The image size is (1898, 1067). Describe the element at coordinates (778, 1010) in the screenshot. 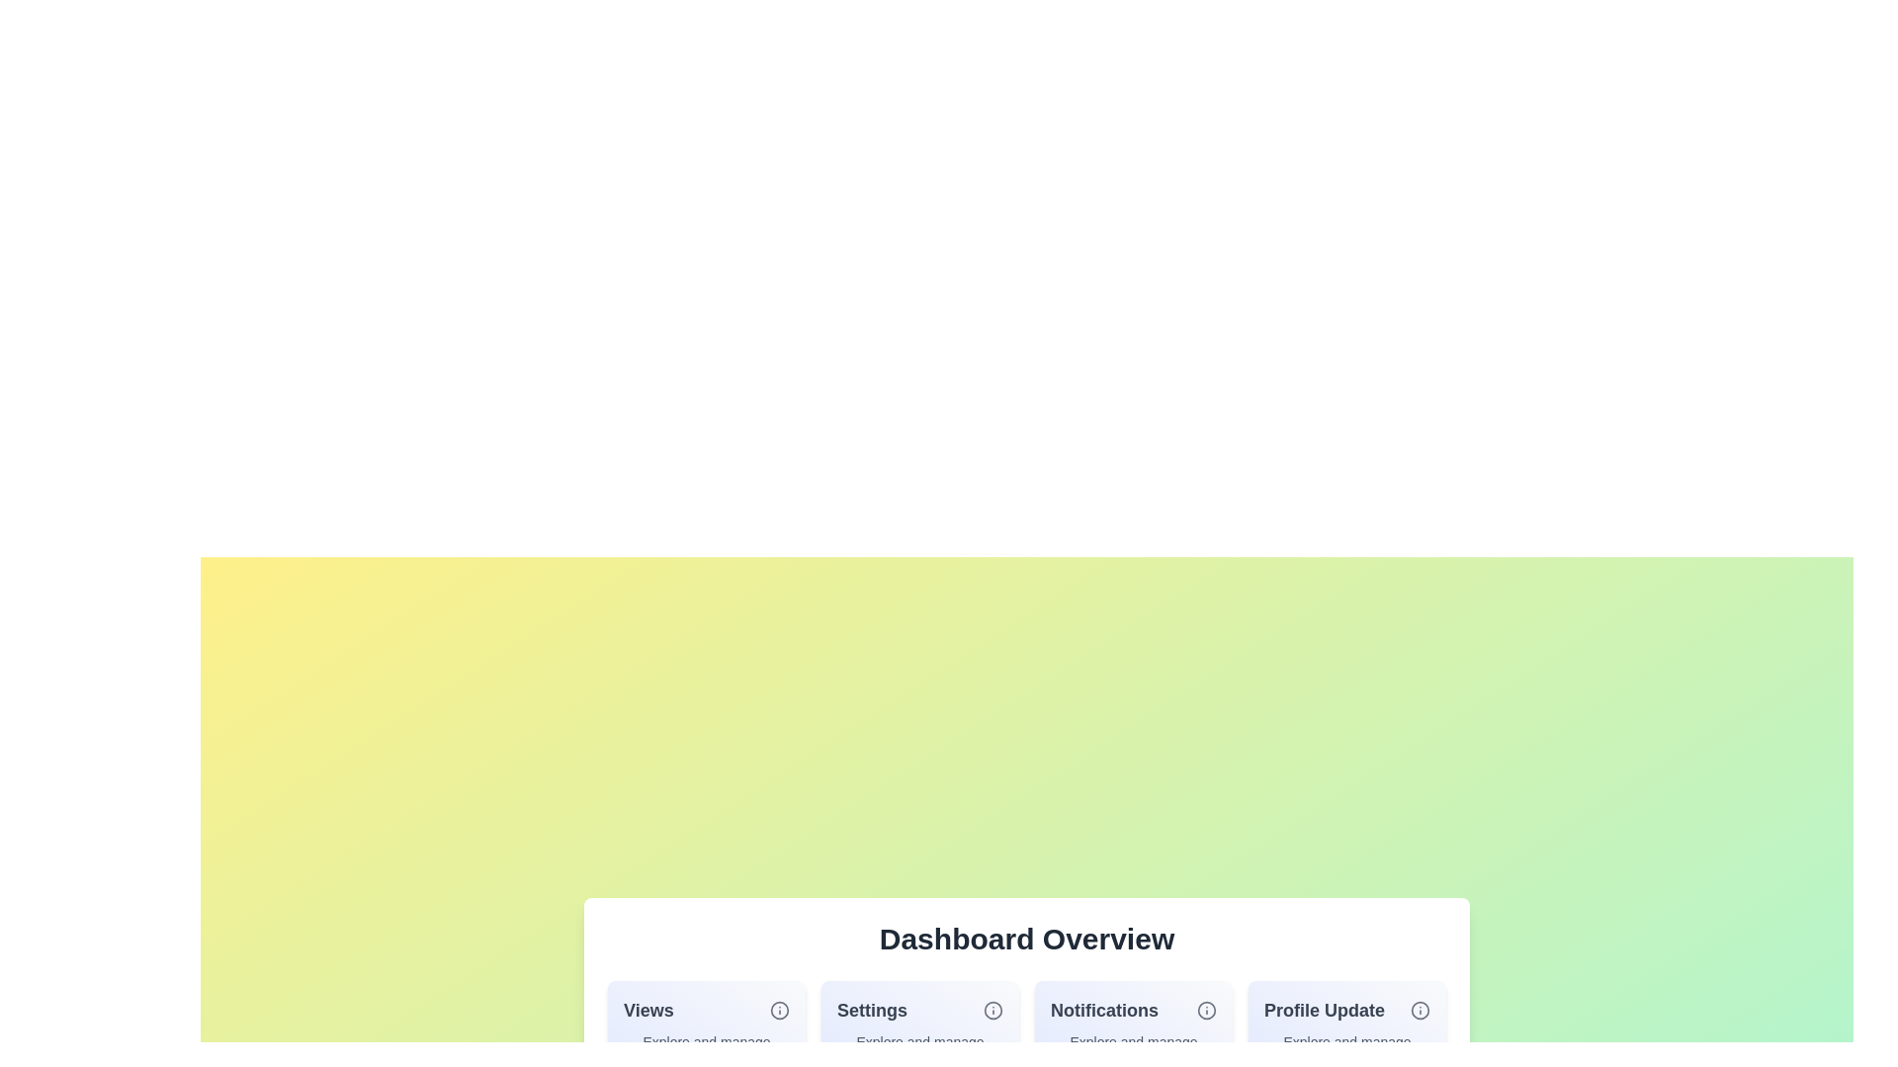

I see `the circular icon button with a gray border and 'i' symbol for accessibility purposes` at that location.